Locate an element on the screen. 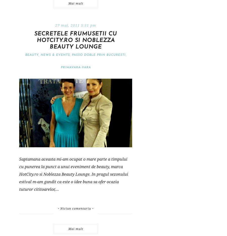 The height and width of the screenshot is (236, 227). 'Saptamana aceasta mi-am ocupat o mare parte a timpului cu punerea la punct a unui eveniment de beauty, marca HotCity.ro si Noblezza Beauty Lounge. In pragul sezonului estival m-am gandit ca este o idee buna sa ofer ocazia tuturor cititoarelor,…' is located at coordinates (19, 174).